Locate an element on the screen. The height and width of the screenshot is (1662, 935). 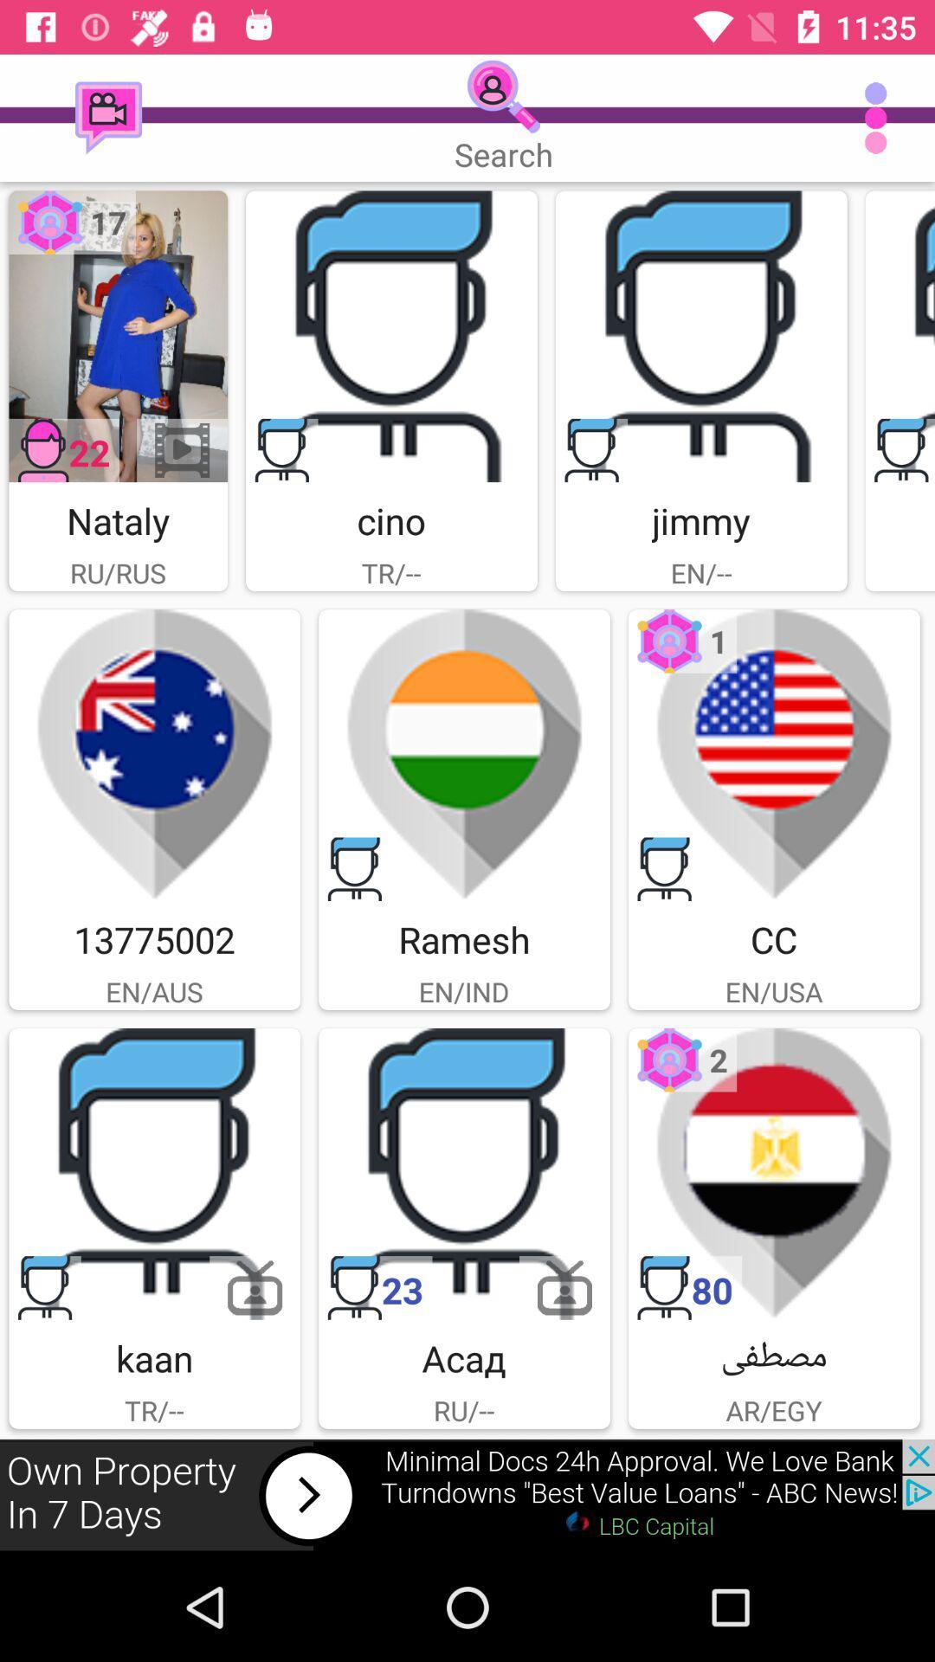
cino image is located at coordinates (391, 336).